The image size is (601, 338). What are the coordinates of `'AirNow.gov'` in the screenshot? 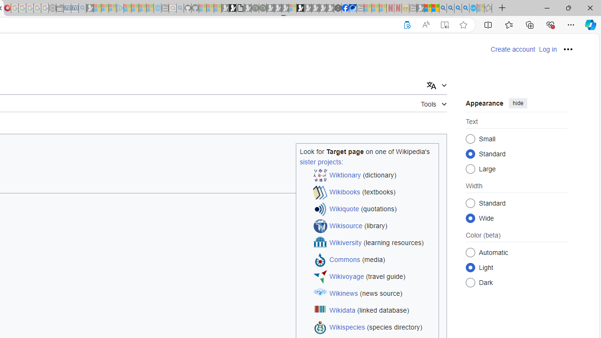 It's located at (352, 8).